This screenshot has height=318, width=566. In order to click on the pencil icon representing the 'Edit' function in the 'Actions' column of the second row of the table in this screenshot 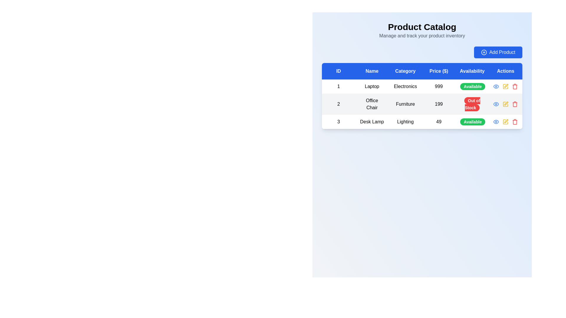, I will do `click(505, 104)`.